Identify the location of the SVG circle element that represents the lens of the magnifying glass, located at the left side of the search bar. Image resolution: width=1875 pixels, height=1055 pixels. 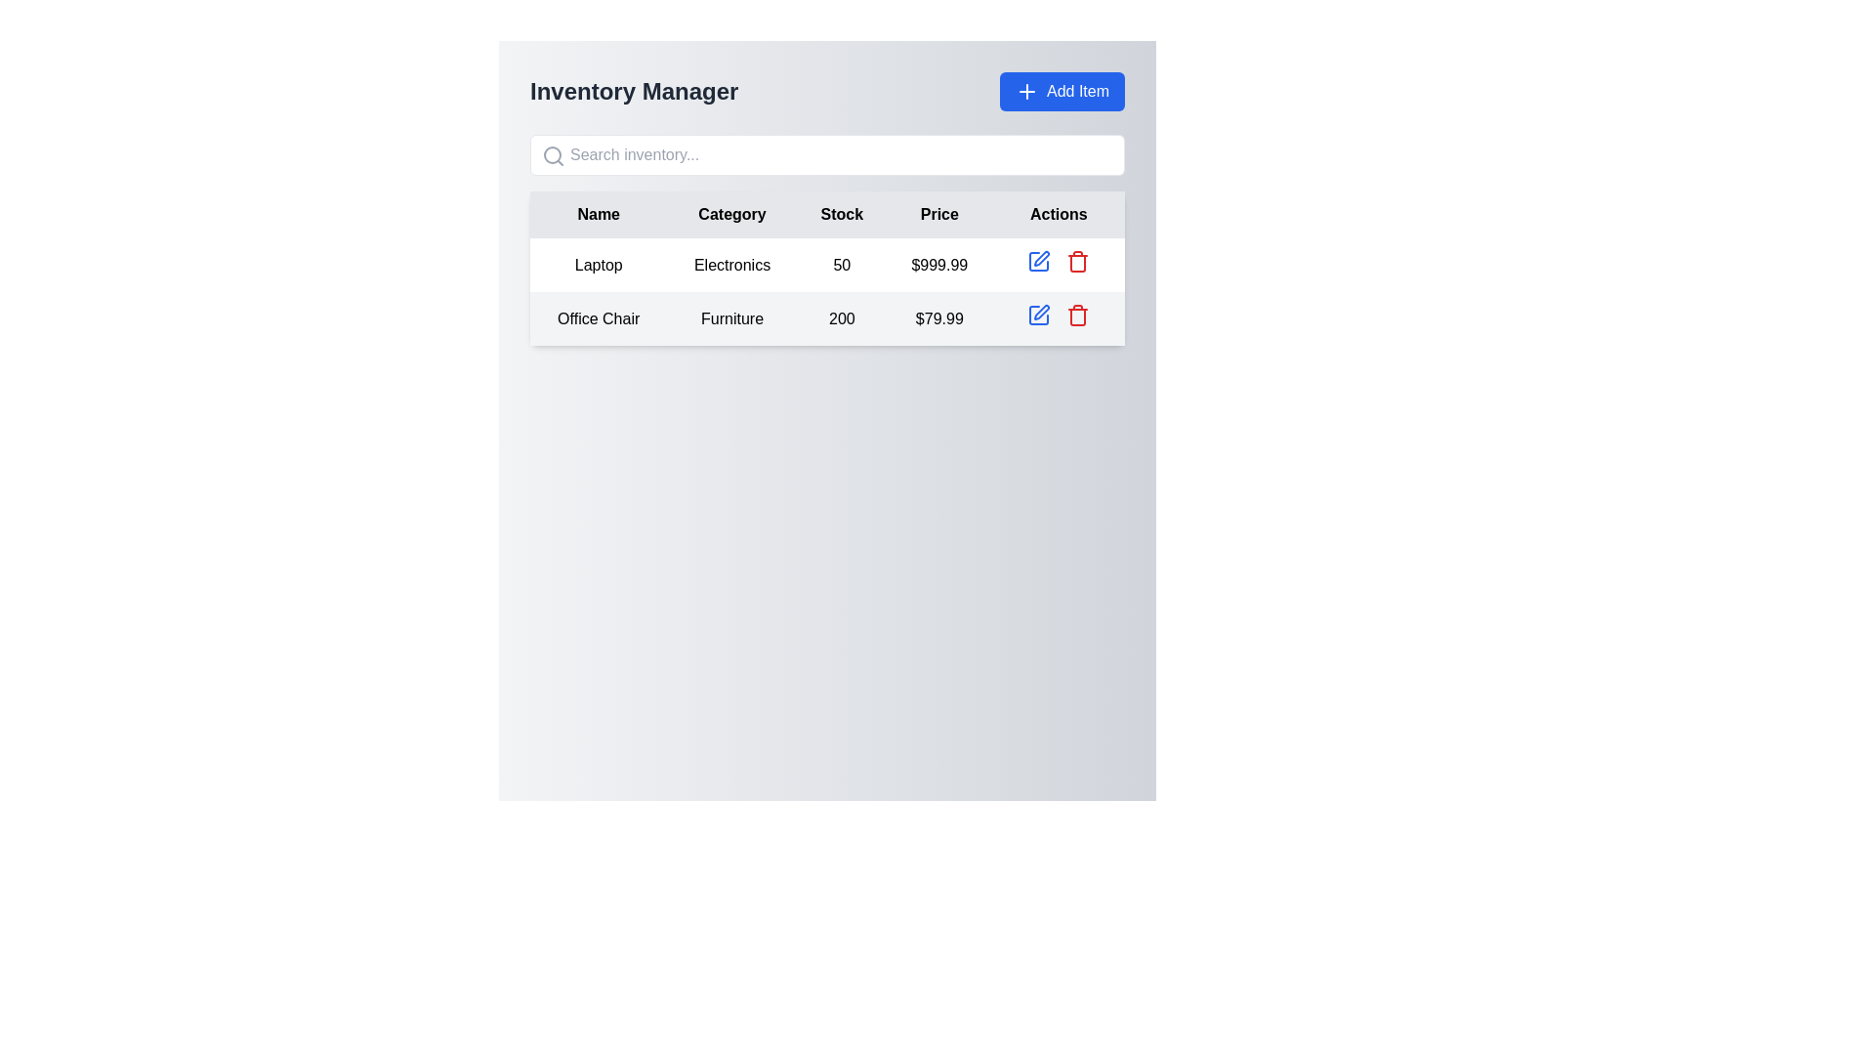
(552, 153).